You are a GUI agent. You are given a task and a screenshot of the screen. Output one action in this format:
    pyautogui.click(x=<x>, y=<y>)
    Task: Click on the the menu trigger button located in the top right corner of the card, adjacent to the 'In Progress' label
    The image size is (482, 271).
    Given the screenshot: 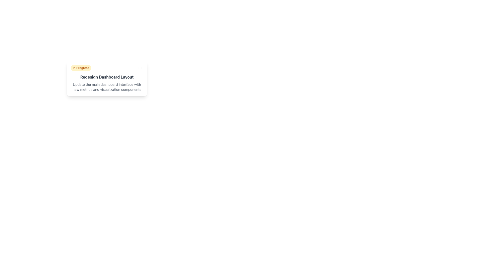 What is the action you would take?
    pyautogui.click(x=140, y=68)
    